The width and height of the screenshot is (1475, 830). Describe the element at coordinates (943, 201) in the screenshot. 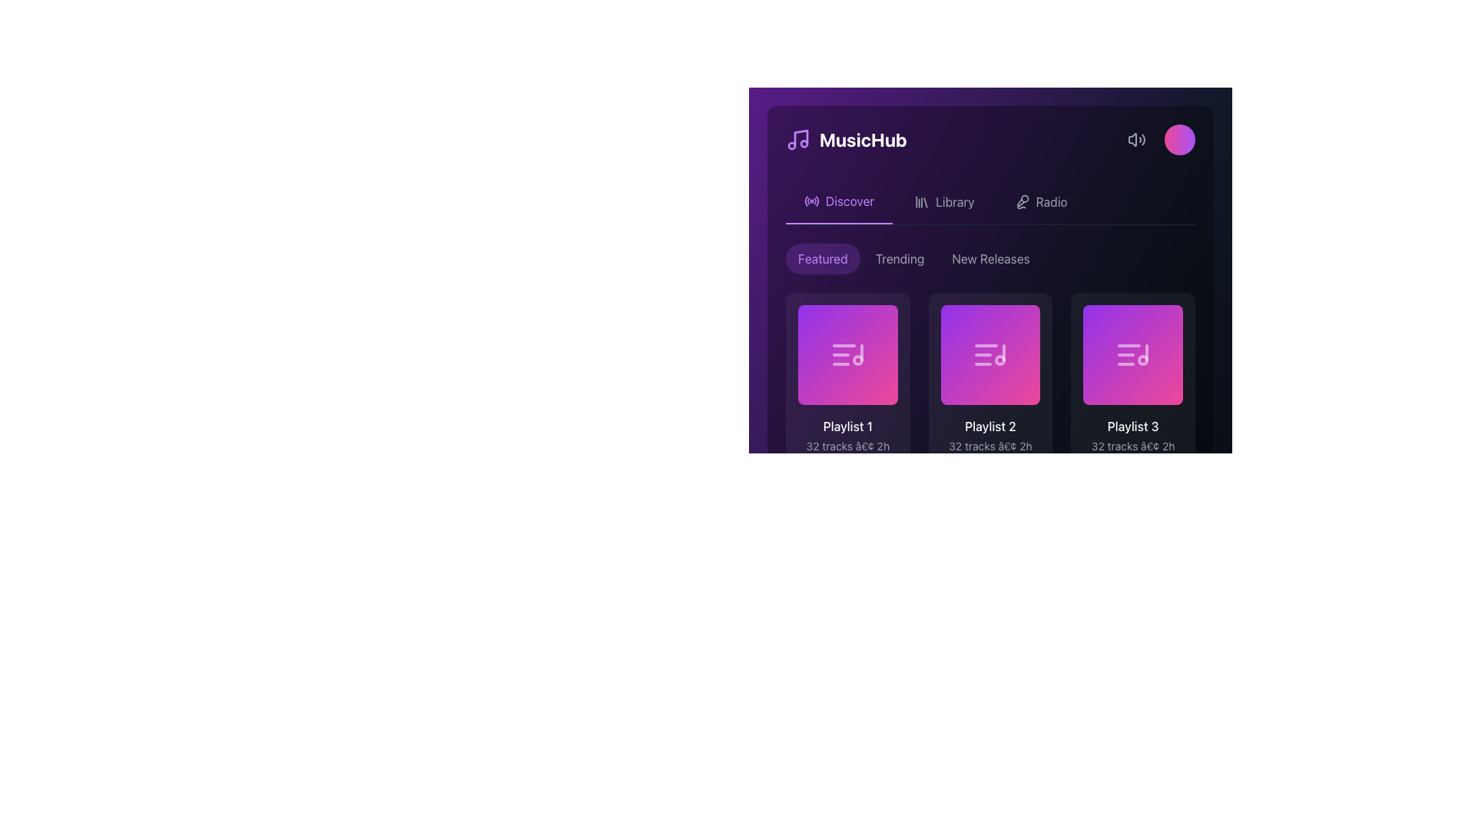

I see `the 'Library' navigation tab, which is the second menu option in the top horizontal navigation menu, adjacent to the 'Discover' and 'Radio' tabs` at that location.